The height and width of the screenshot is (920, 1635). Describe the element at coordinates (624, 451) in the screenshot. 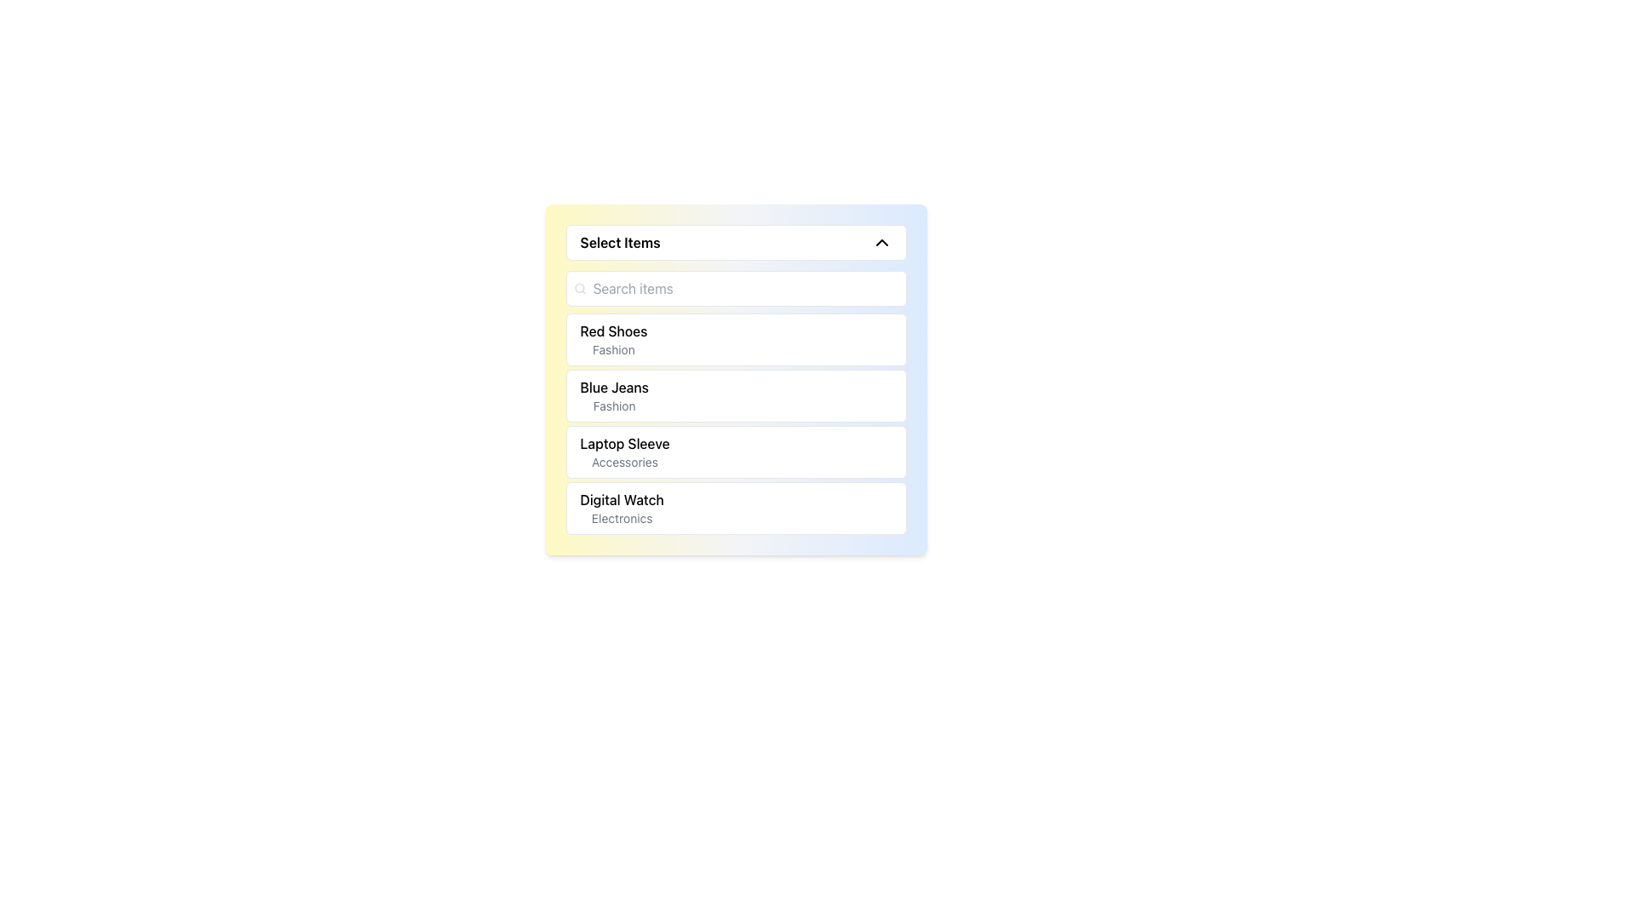

I see `the selectable list item for 'Laptop Sleeve' located in the third row of the dropdown list, positioned between 'Blue Jeans' and 'Digital Watch'` at that location.